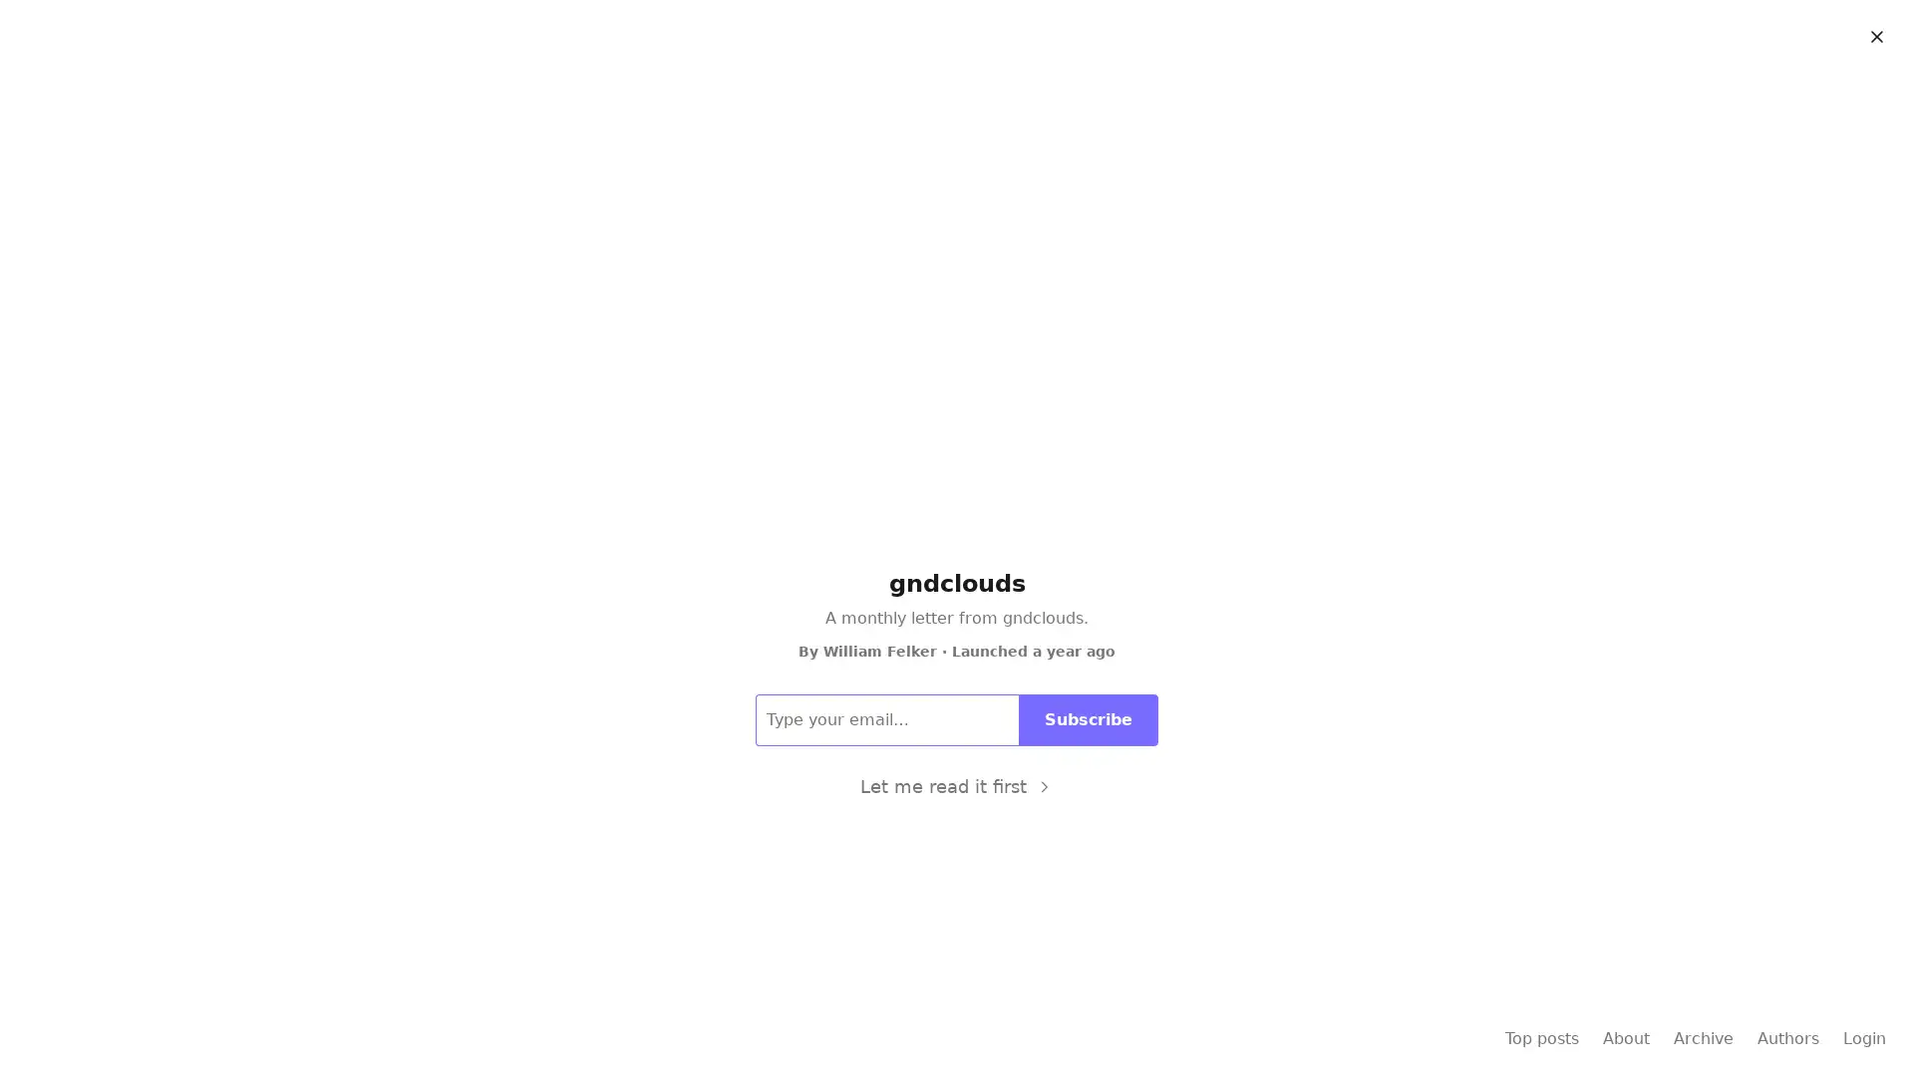 This screenshot has height=1076, width=1914. I want to click on About, so click(1030, 87).